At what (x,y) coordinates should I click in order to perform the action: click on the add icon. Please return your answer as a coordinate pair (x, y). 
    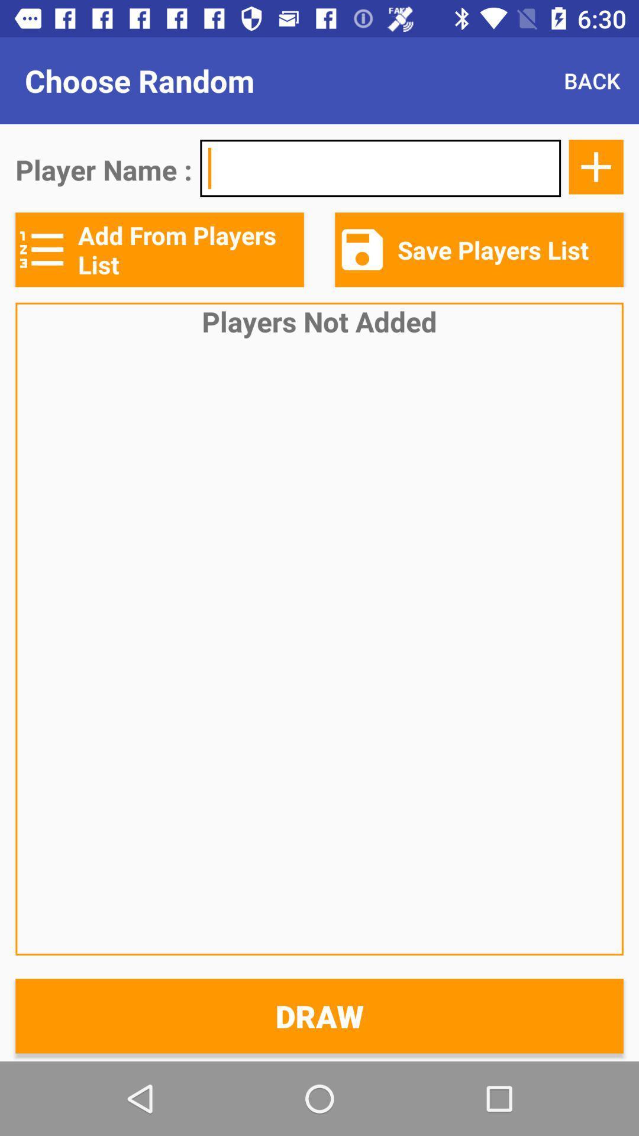
    Looking at the image, I should click on (596, 166).